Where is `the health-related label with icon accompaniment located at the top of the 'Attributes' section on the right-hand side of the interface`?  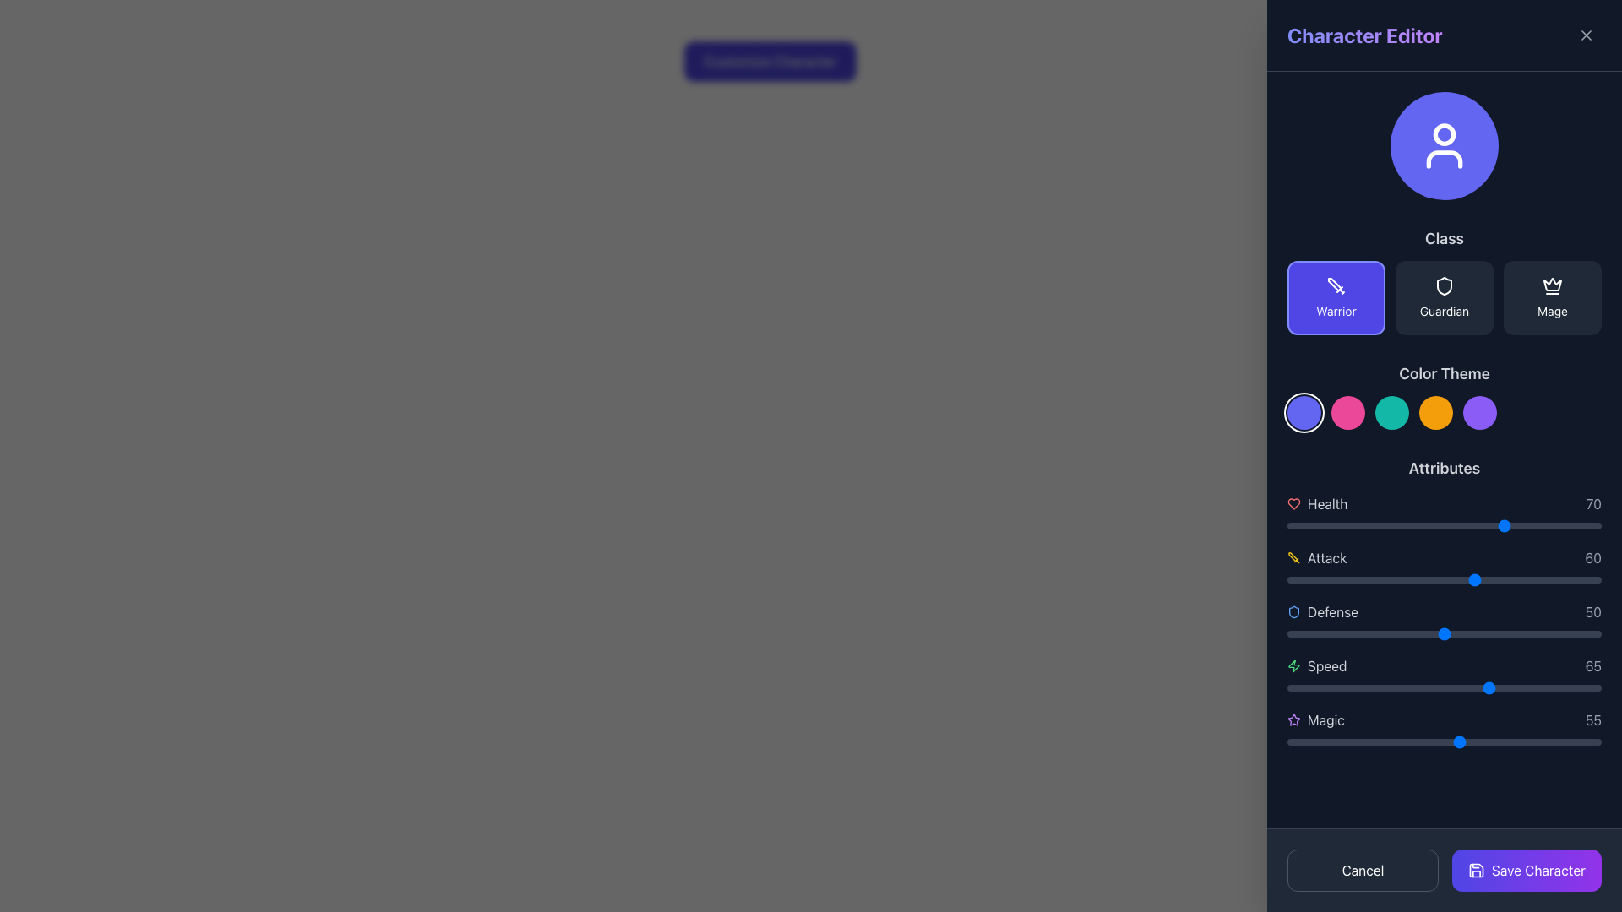
the health-related label with icon accompaniment located at the top of the 'Attributes' section on the right-hand side of the interface is located at coordinates (1316, 503).